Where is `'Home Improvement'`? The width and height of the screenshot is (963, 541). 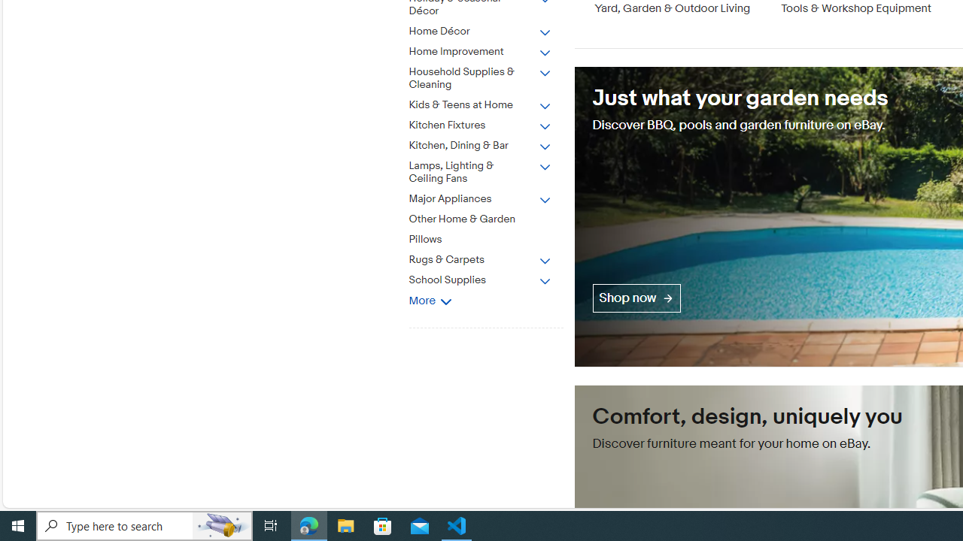 'Home Improvement' is located at coordinates (491, 48).